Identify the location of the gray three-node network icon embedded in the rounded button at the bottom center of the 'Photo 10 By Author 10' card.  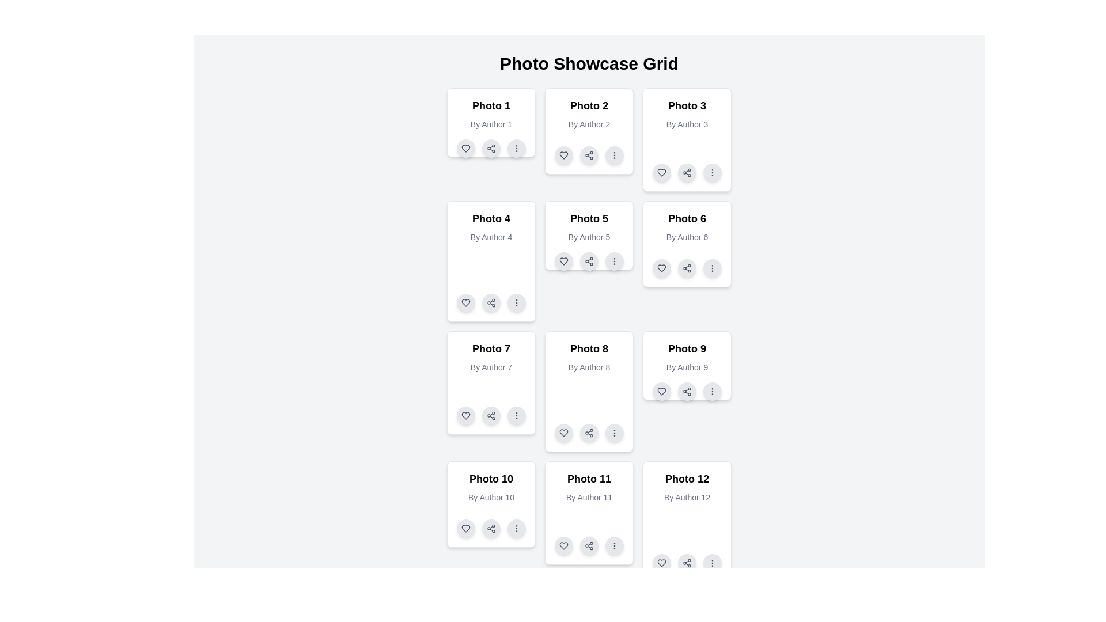
(491, 529).